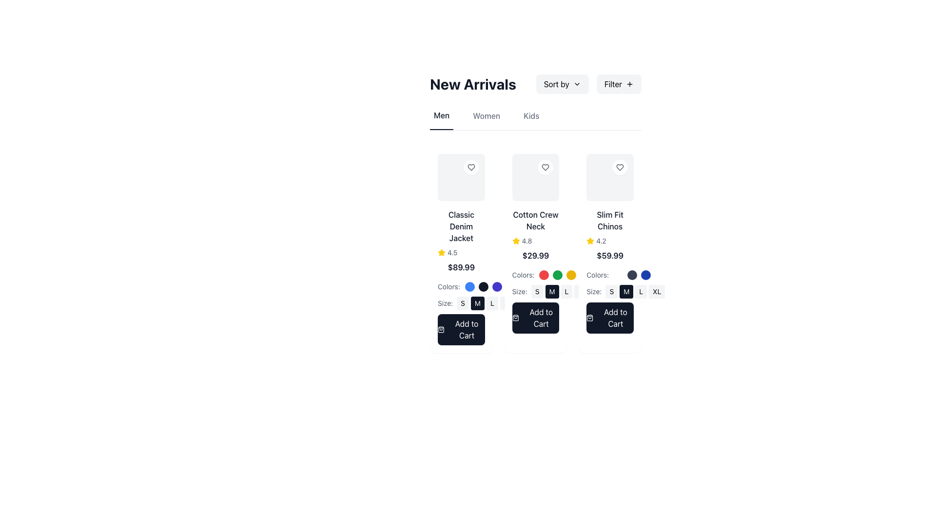 Image resolution: width=936 pixels, height=526 pixels. I want to click on the size selection button labeled 'M' located below the product description section under the text 'Size:', so click(561, 291).